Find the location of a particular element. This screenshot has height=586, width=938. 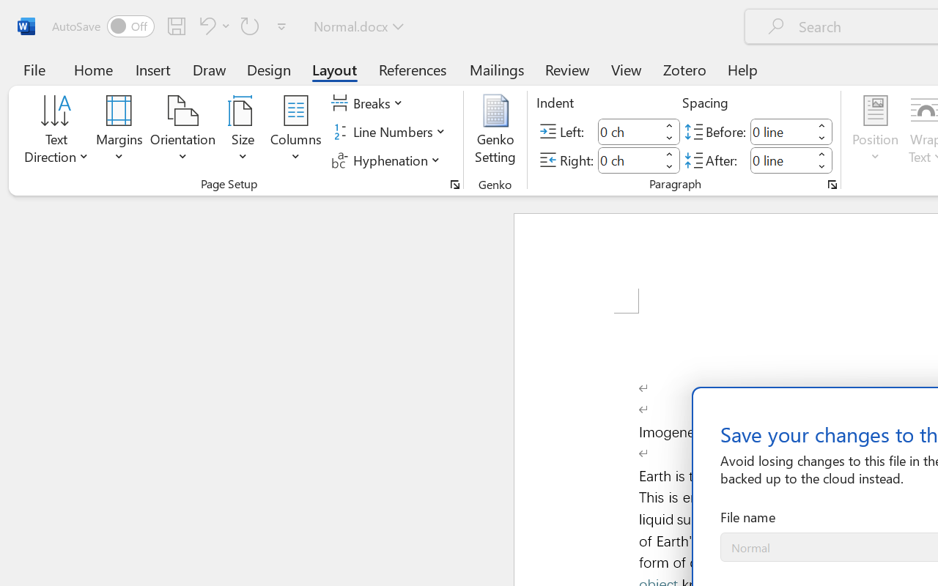

'Line Numbers' is located at coordinates (391, 131).